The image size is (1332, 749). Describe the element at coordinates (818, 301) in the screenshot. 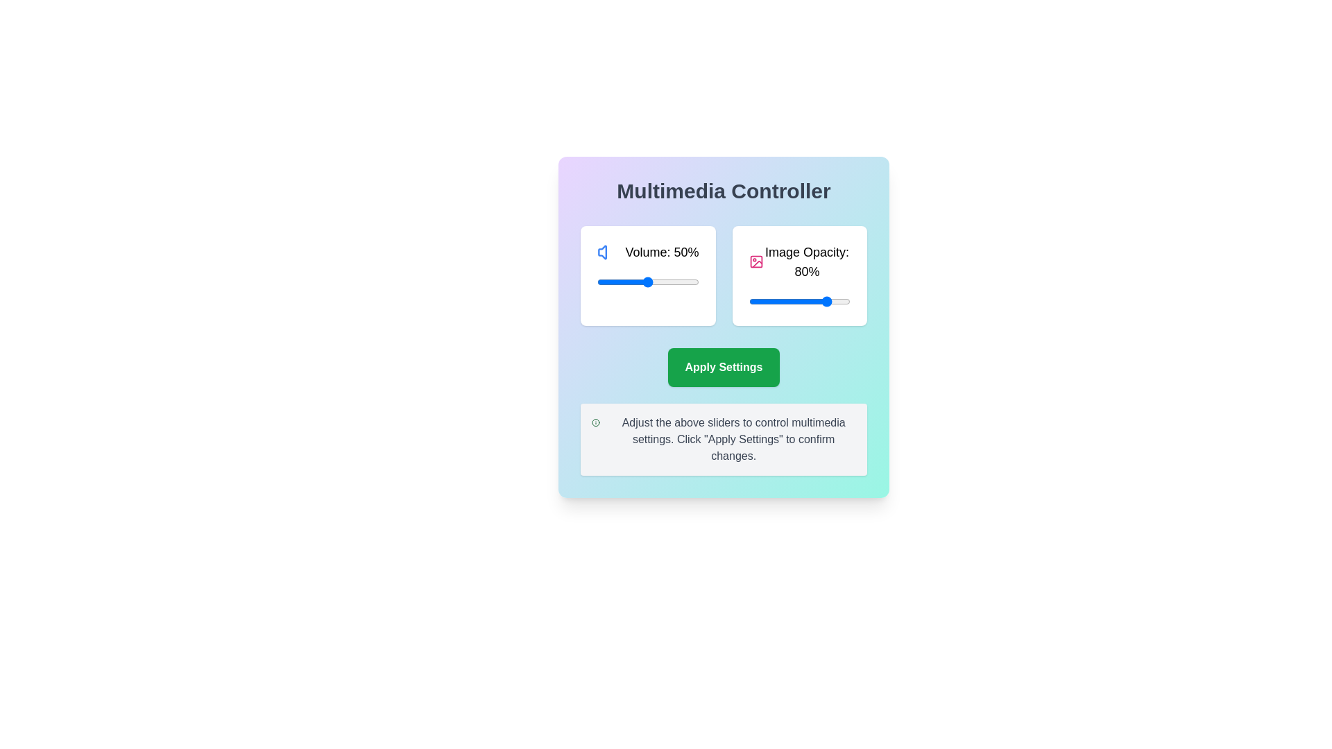

I see `the image opacity slider to set the transparency to 68%` at that location.